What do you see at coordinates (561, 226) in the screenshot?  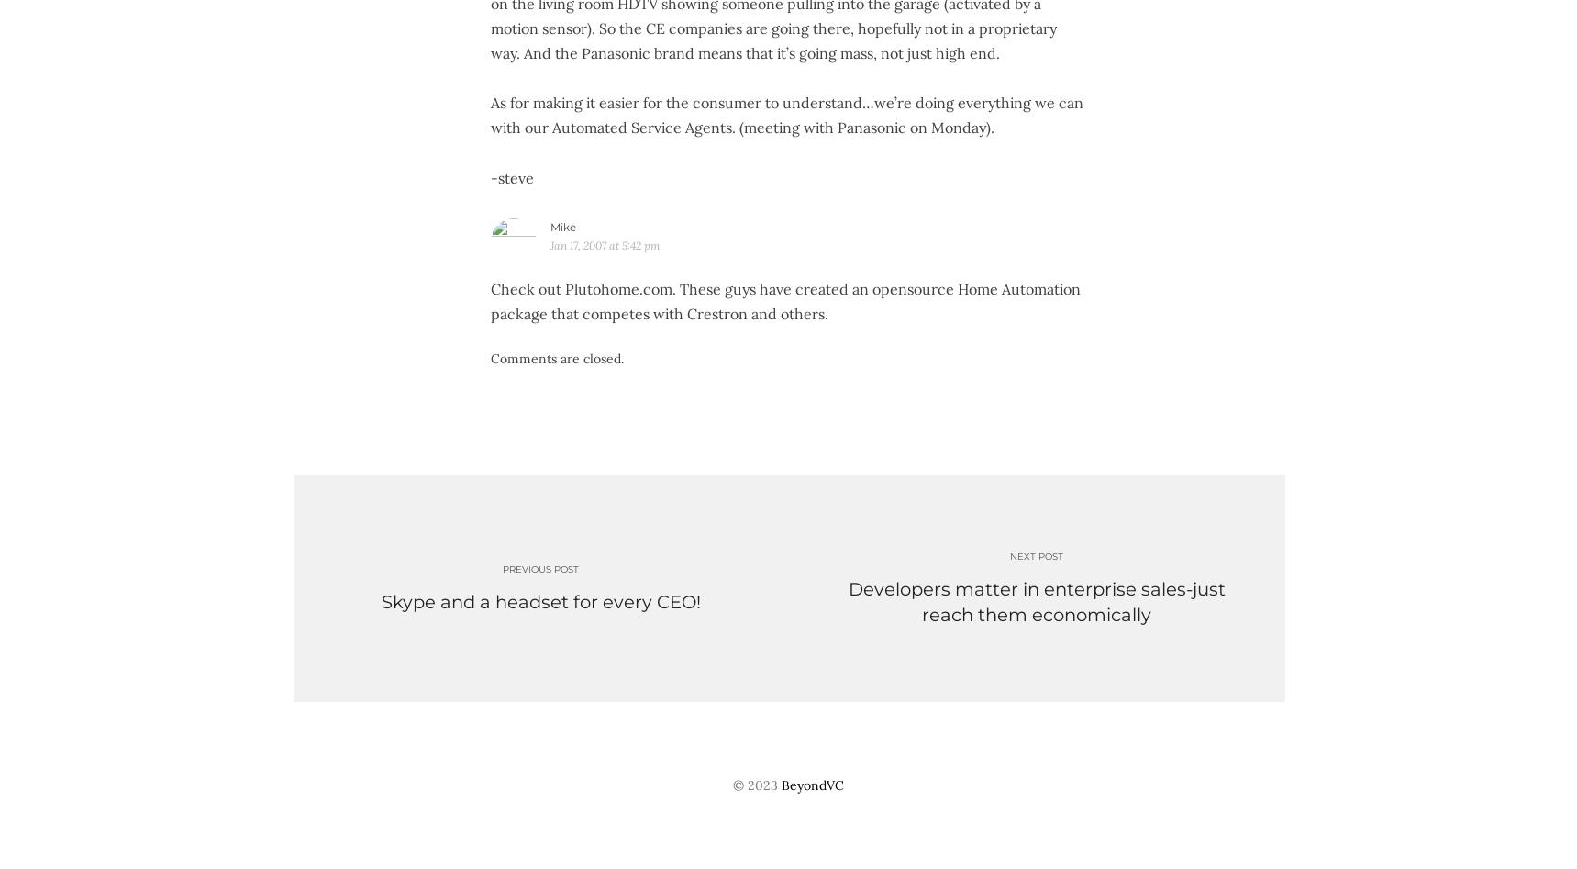 I see `'Mike'` at bounding box center [561, 226].